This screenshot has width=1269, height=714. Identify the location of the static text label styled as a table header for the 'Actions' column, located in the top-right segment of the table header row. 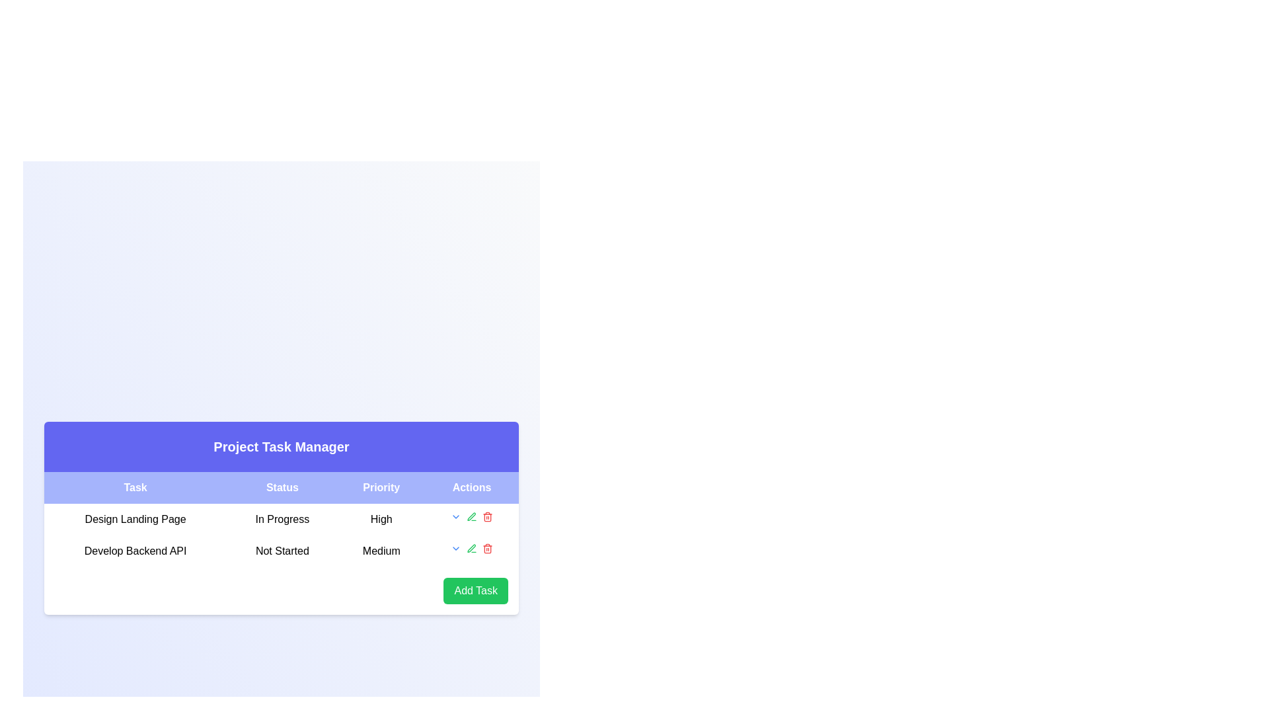
(472, 487).